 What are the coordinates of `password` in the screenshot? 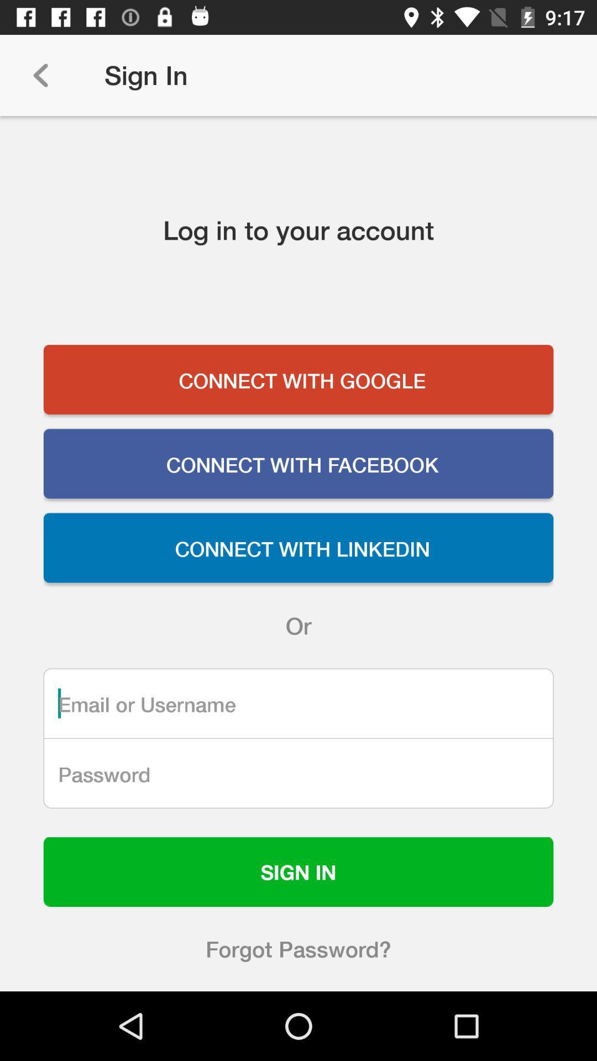 It's located at (298, 773).